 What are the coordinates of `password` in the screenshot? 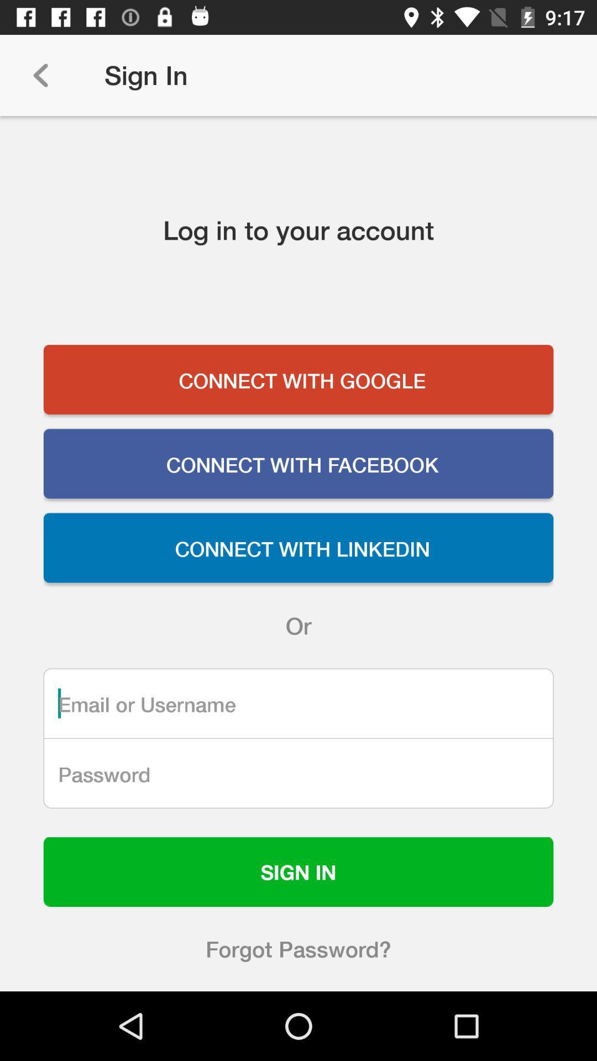 It's located at (298, 773).